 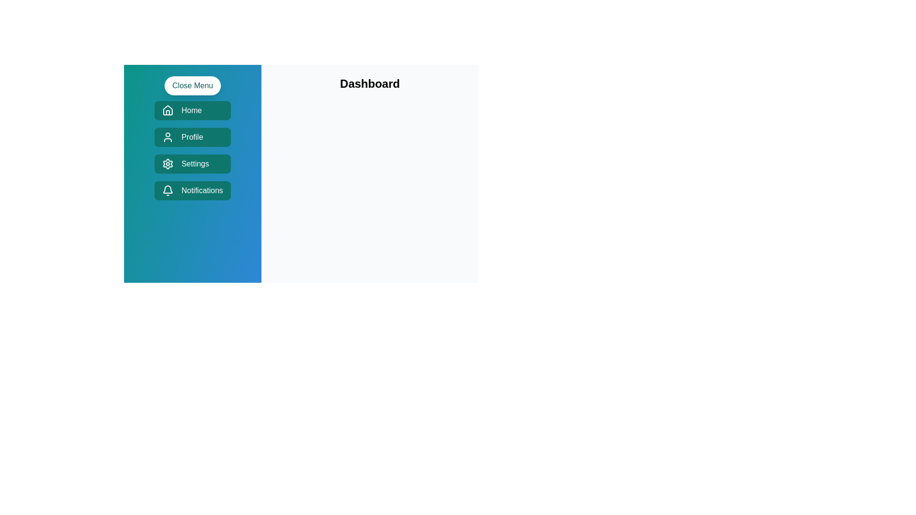 I want to click on the 'Notifications' text label on the left sidebar, which is part of a button group styled with rounded corners, indicating it may be draggable, so click(x=201, y=191).